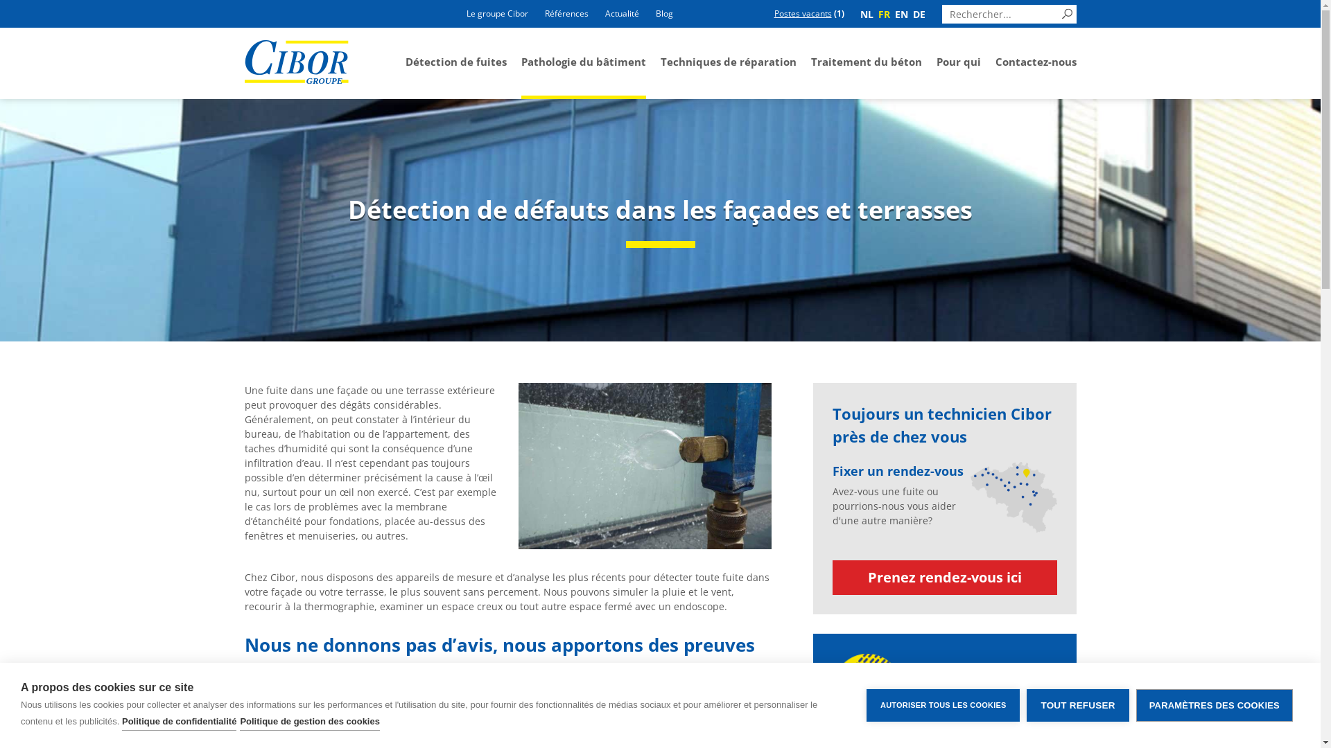 This screenshot has width=1331, height=748. I want to click on 'Pour qui', so click(957, 63).